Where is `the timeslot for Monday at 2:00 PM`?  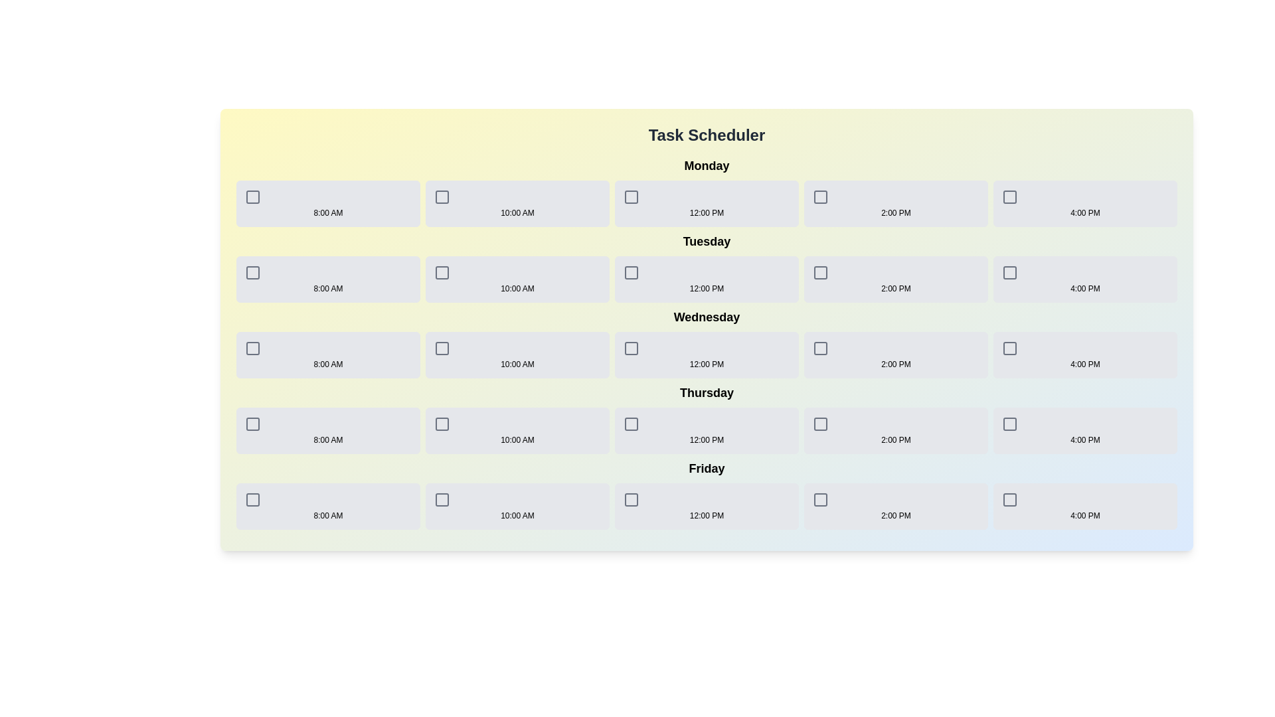 the timeslot for Monday at 2:00 PM is located at coordinates (896, 204).